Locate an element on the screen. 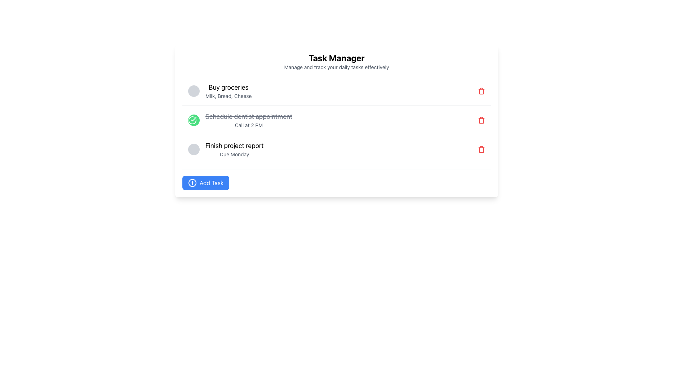 The width and height of the screenshot is (692, 389). the third task list item displaying 'Finish project report' with the due date 'Due Monday' and a circular gray placeholder image is located at coordinates (225, 149).